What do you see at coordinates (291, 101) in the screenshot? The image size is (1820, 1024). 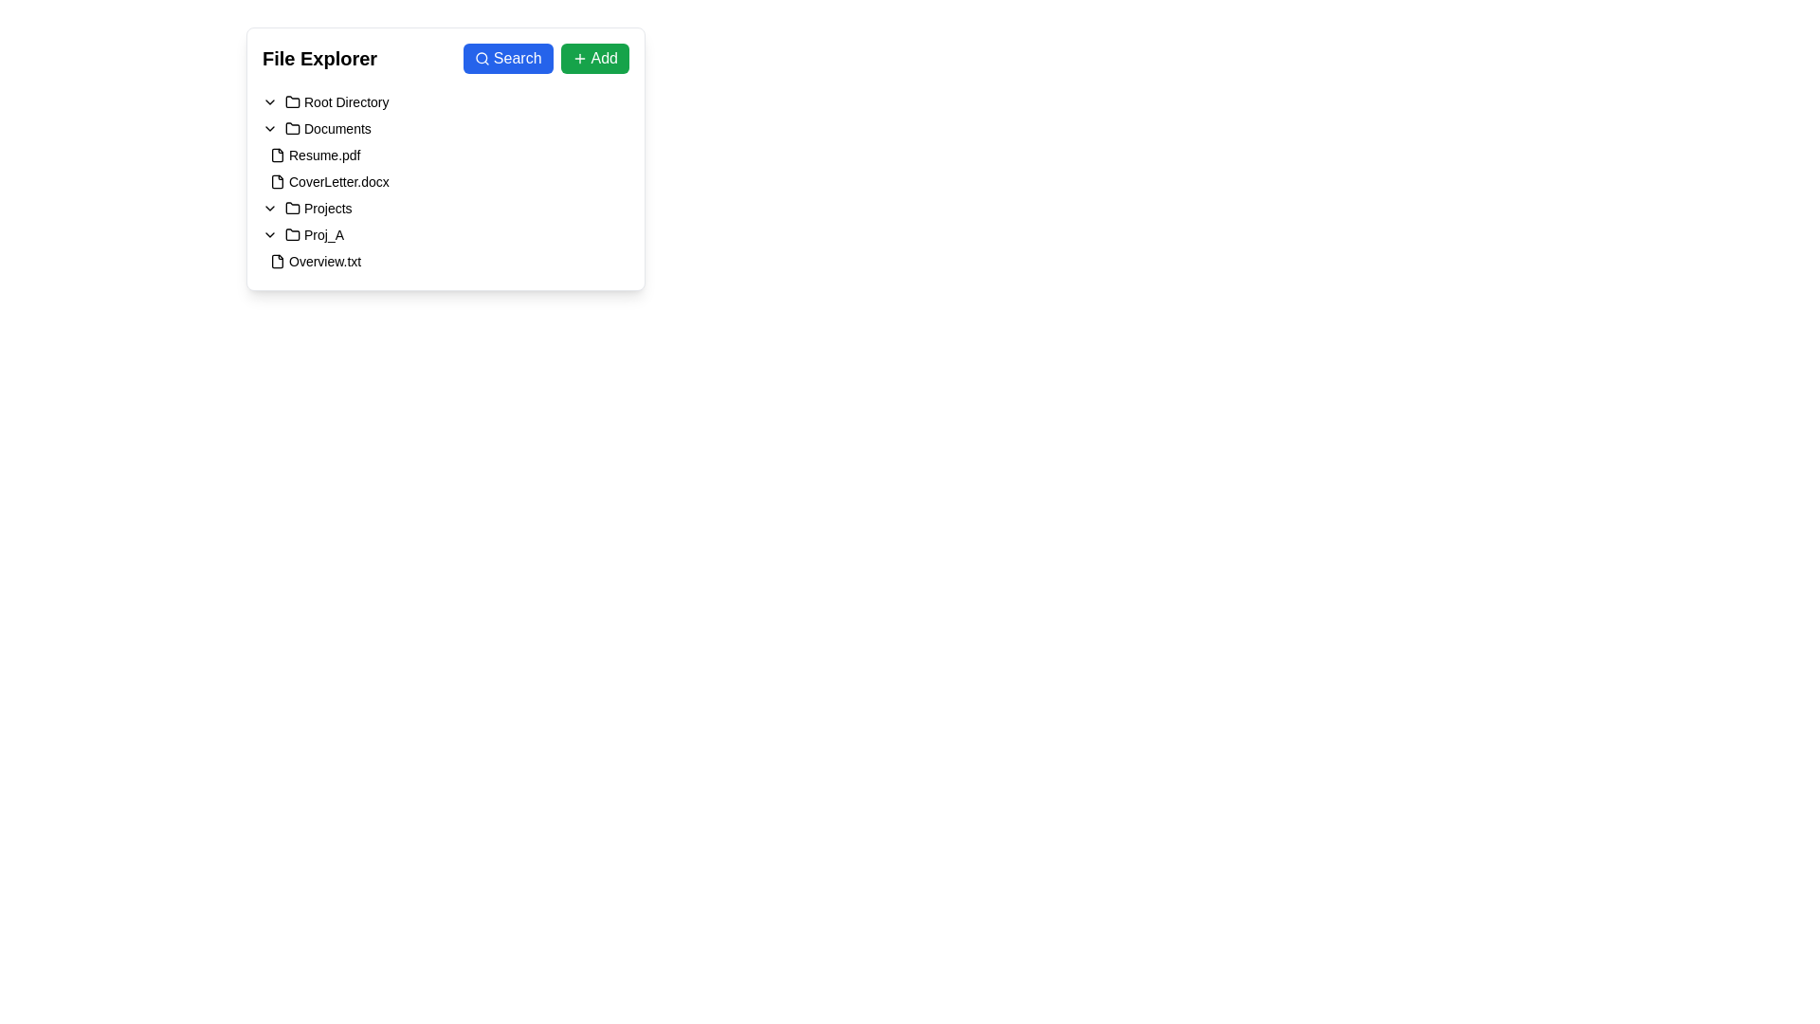 I see `the folder icon button located under the 'File Explorer' heading in the hierarchical navigation interface` at bounding box center [291, 101].